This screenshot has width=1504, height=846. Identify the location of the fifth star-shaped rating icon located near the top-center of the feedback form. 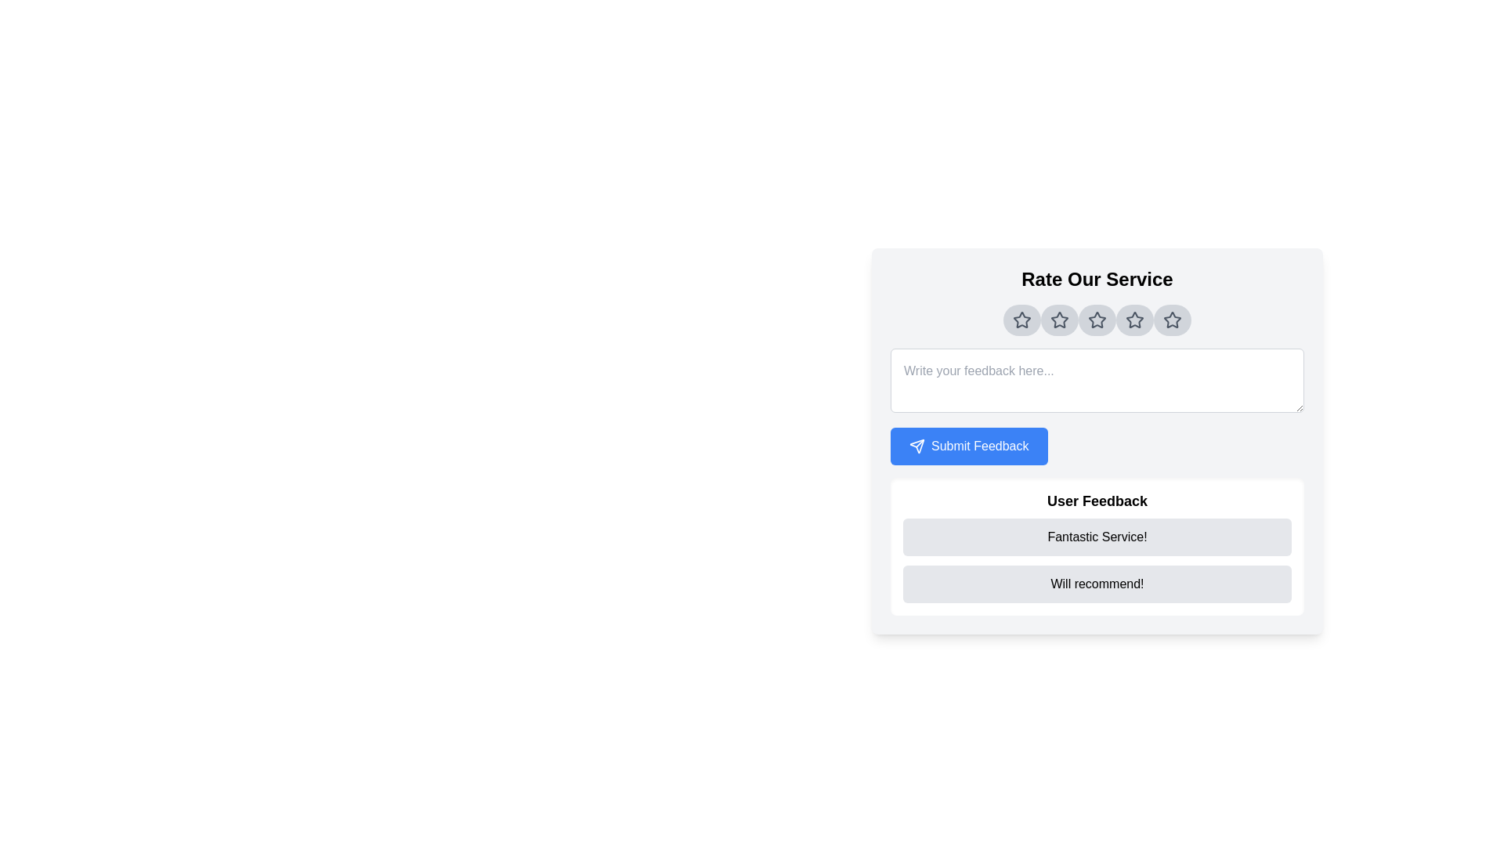
(1135, 319).